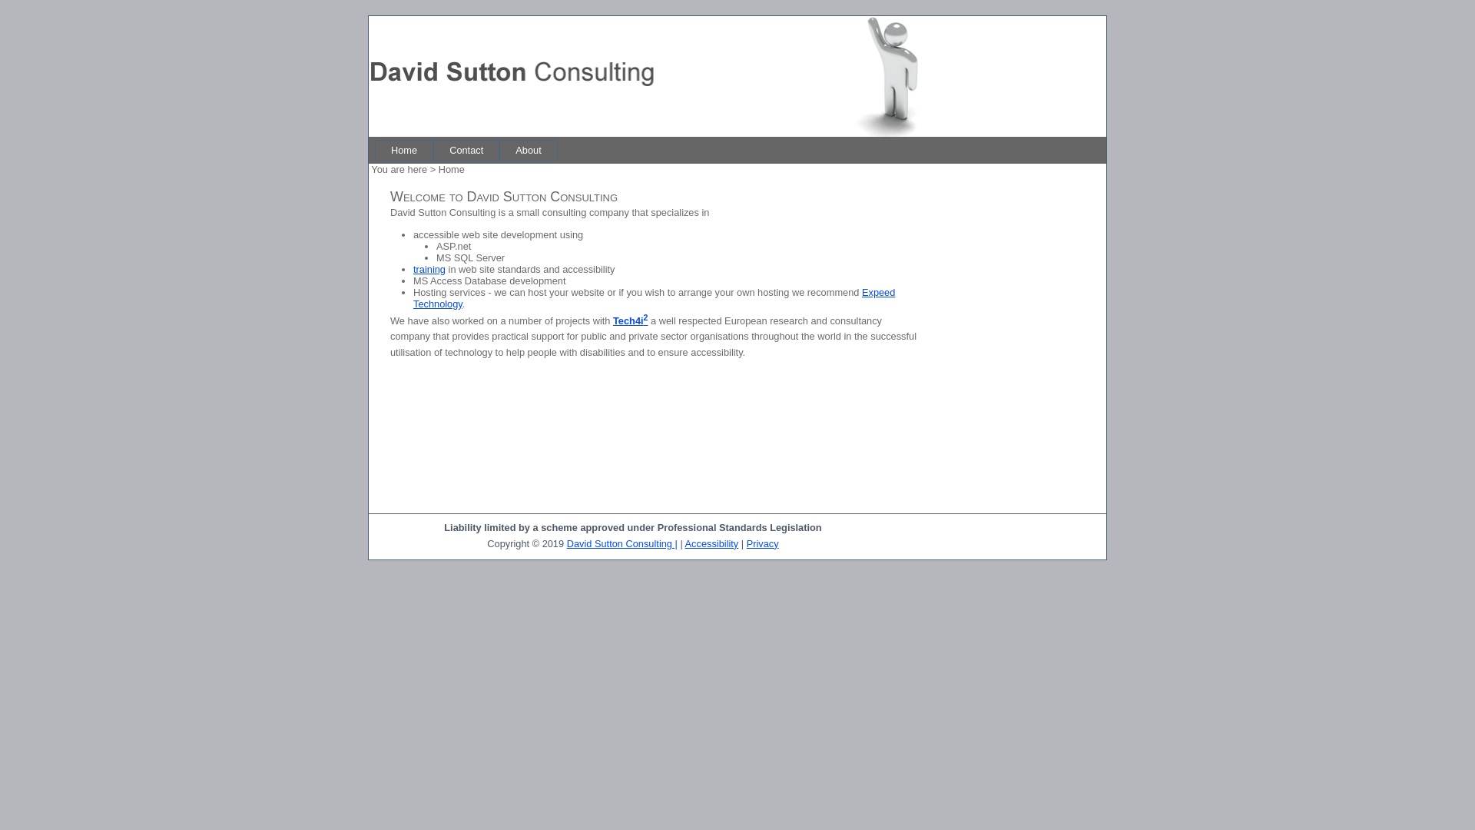  I want to click on 'Home', so click(404, 150).